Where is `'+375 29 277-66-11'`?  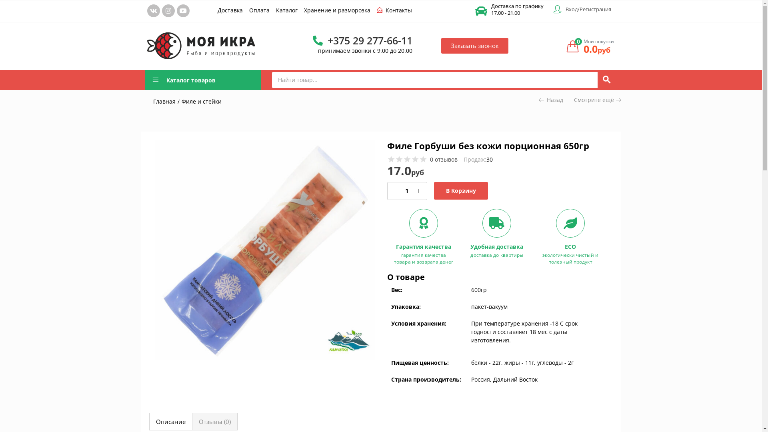 '+375 29 277-66-11' is located at coordinates (362, 40).